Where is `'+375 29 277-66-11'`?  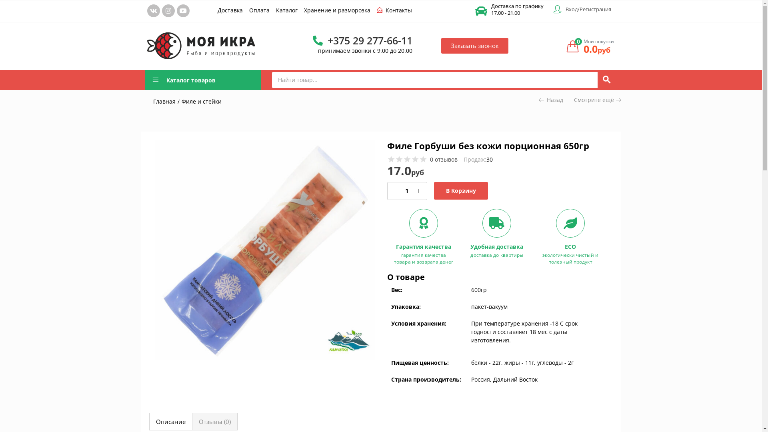 '+375 29 277-66-11' is located at coordinates (362, 40).